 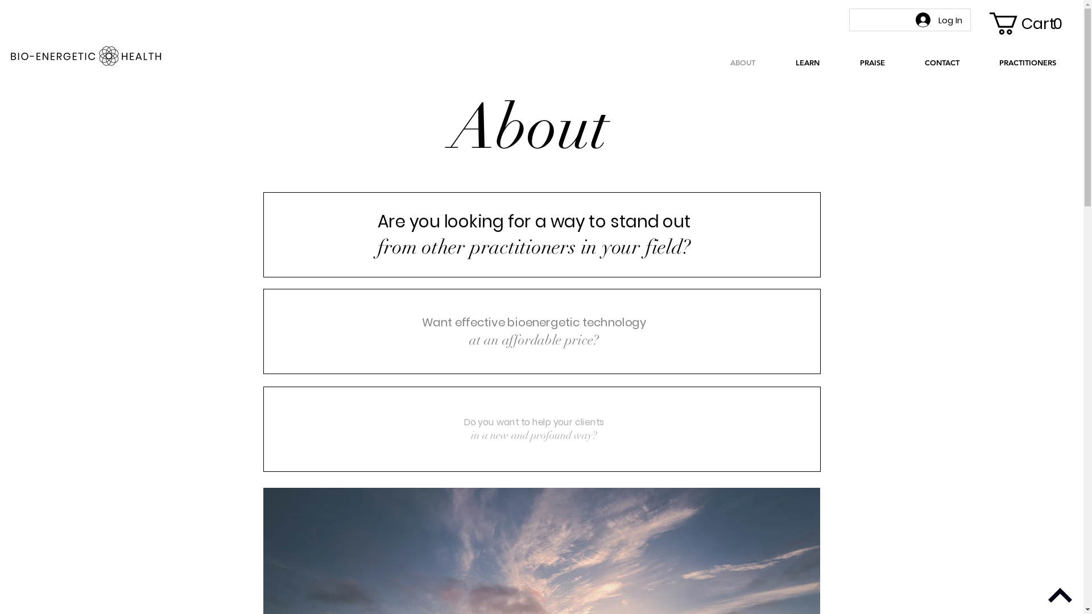 I want to click on 'PRAISE', so click(x=871, y=63).